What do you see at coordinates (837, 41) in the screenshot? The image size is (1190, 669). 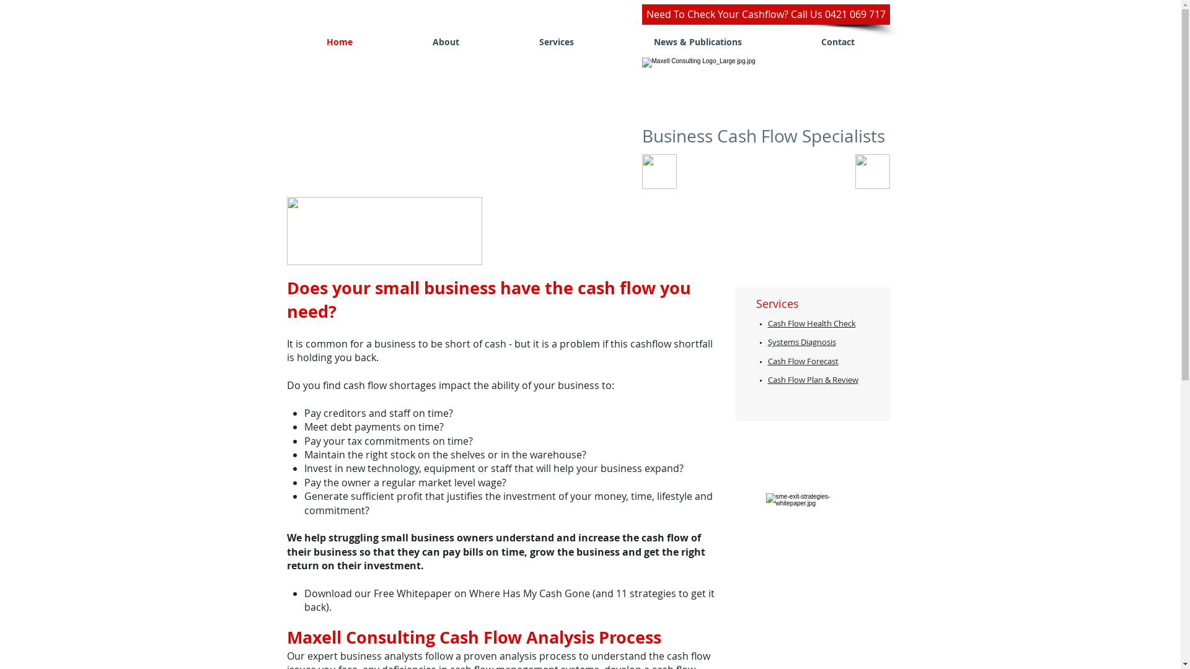 I see `'Contact'` at bounding box center [837, 41].